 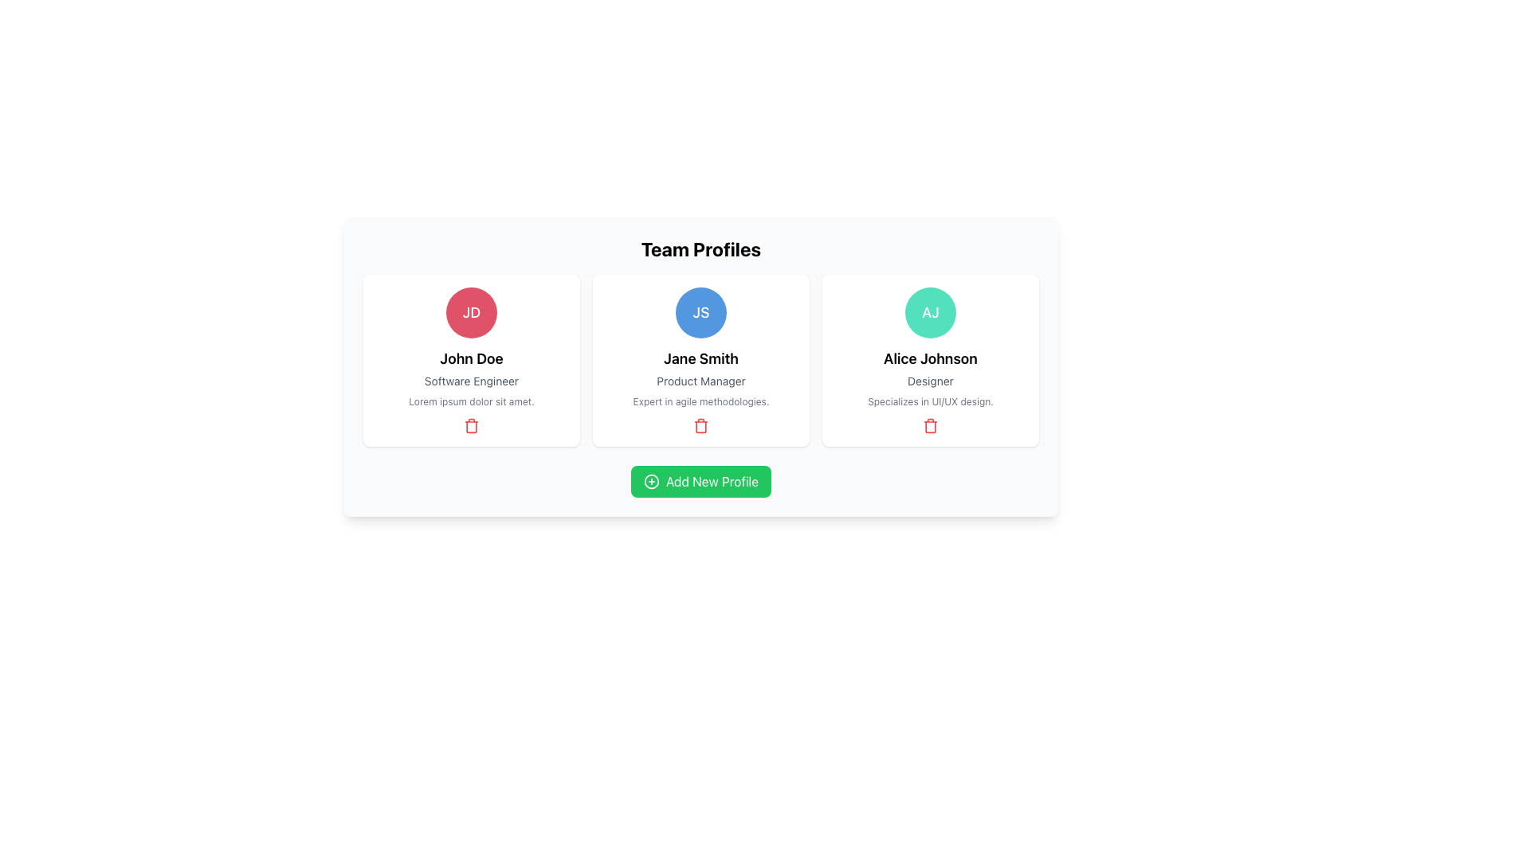 I want to click on to select the profile card for 'Jane Smith' located in the middle of the grid layout, so click(x=700, y=360).